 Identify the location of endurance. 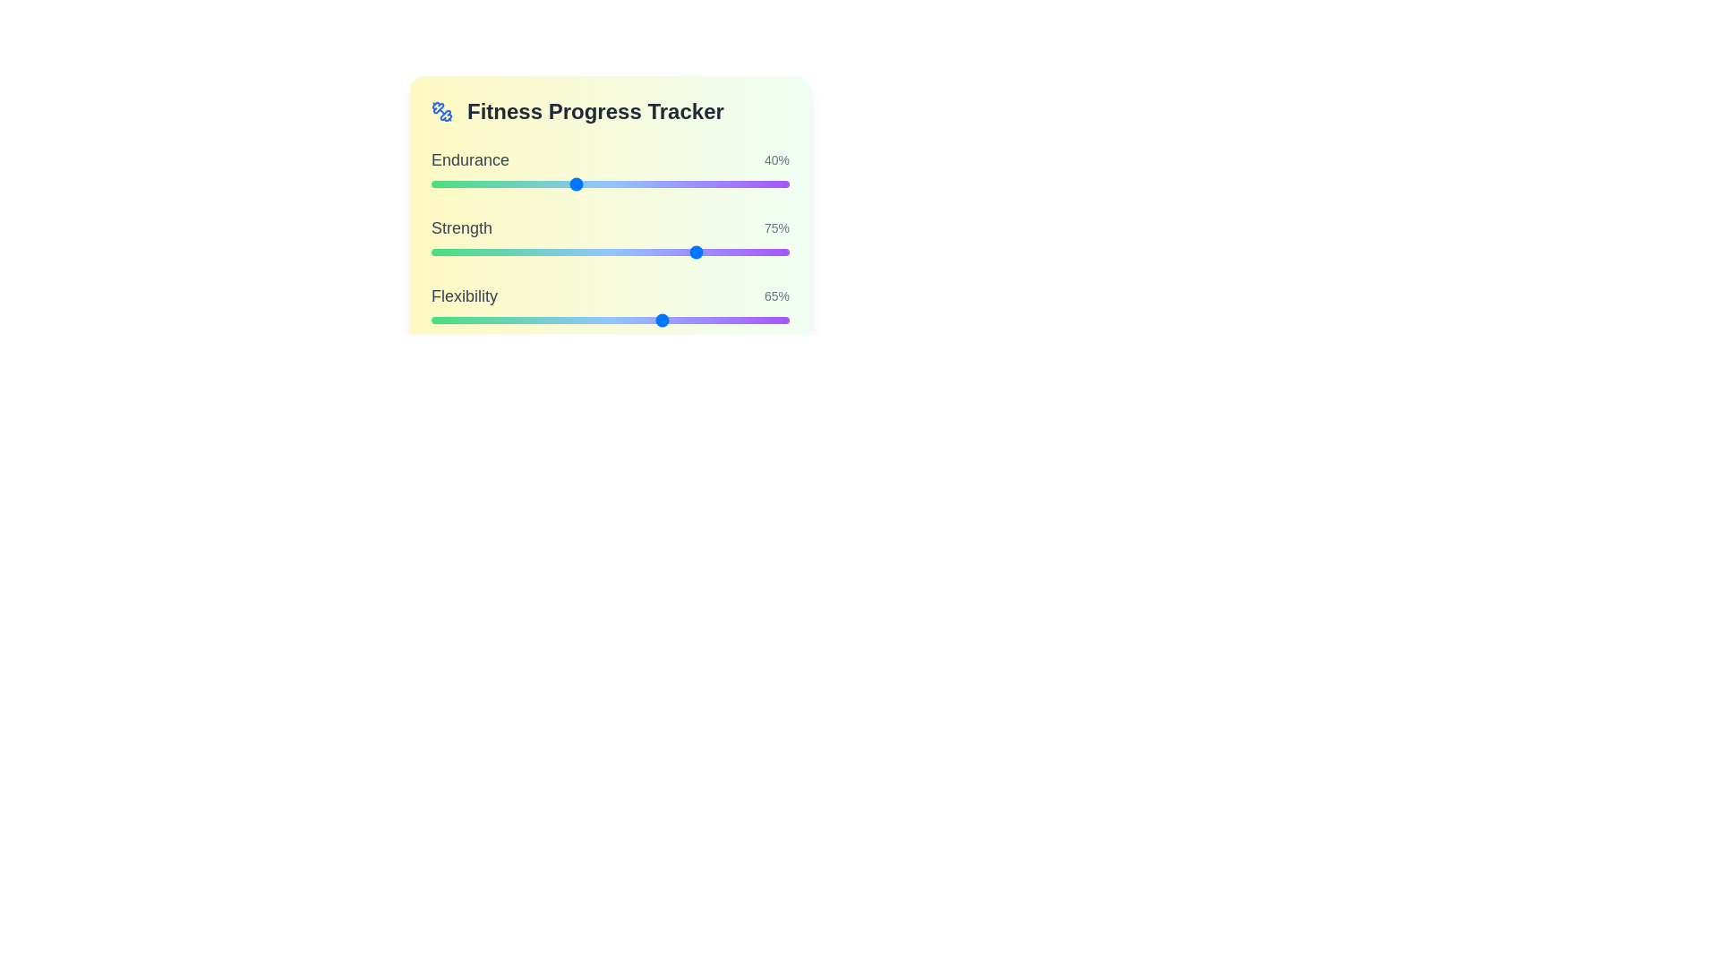
(474, 184).